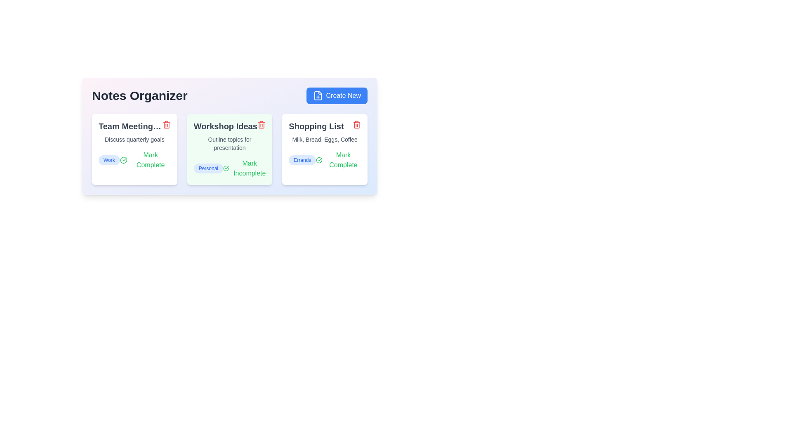  Describe the element at coordinates (145, 160) in the screenshot. I see `the toggle button for the note titled 'Team Meeting Notes' to mark it as complete or incomplete` at that location.